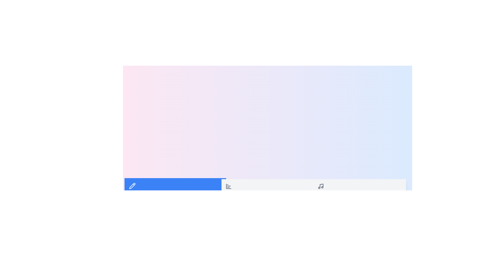 Image resolution: width=490 pixels, height=276 pixels. What do you see at coordinates (360, 189) in the screenshot?
I see `the tab labeled Audio to observe its visual effect` at bounding box center [360, 189].